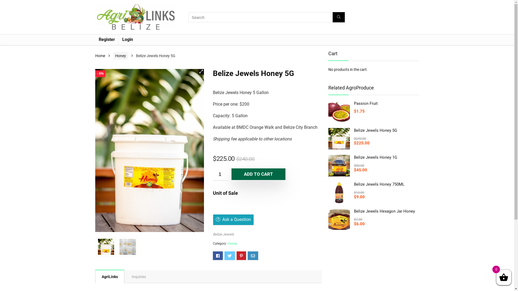 The image size is (518, 291). What do you see at coordinates (149, 150) in the screenshot?
I see `'5 Gallon'` at bounding box center [149, 150].